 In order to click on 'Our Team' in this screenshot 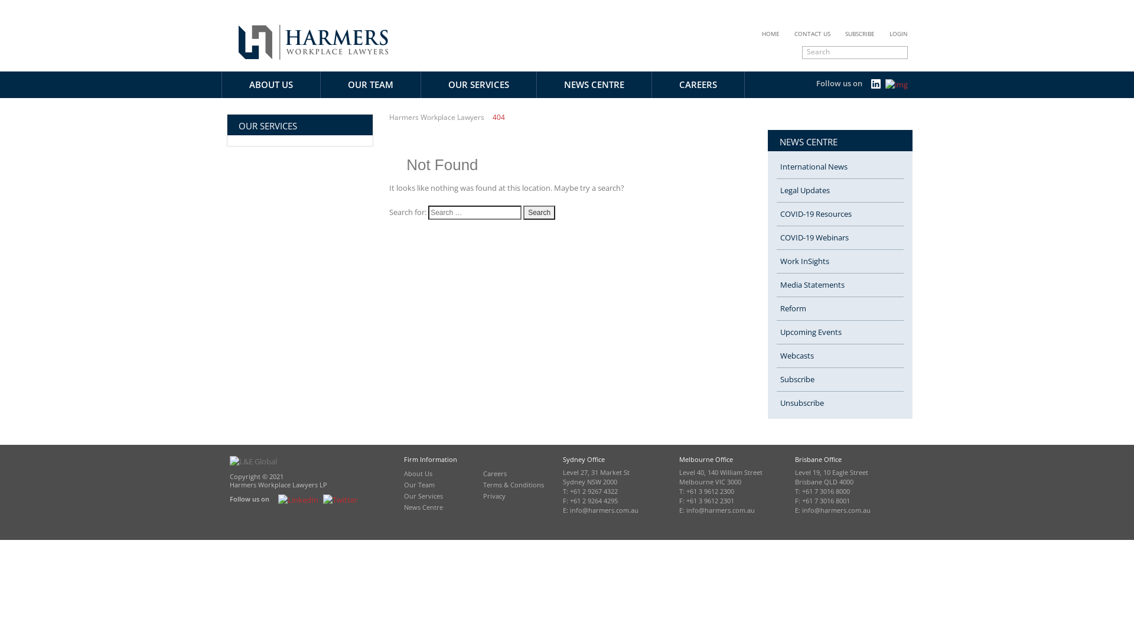, I will do `click(419, 484)`.